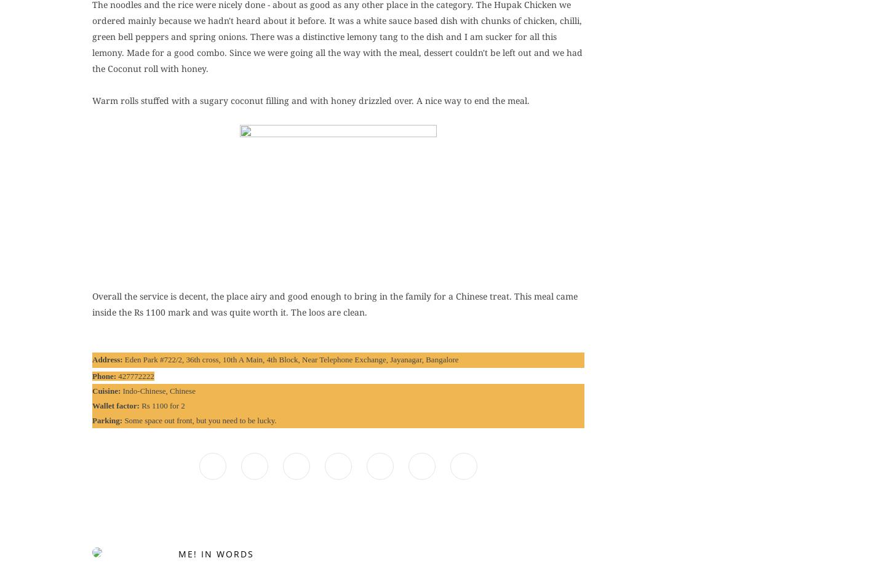  Describe the element at coordinates (91, 404) in the screenshot. I see `'Wallet factor:'` at that location.